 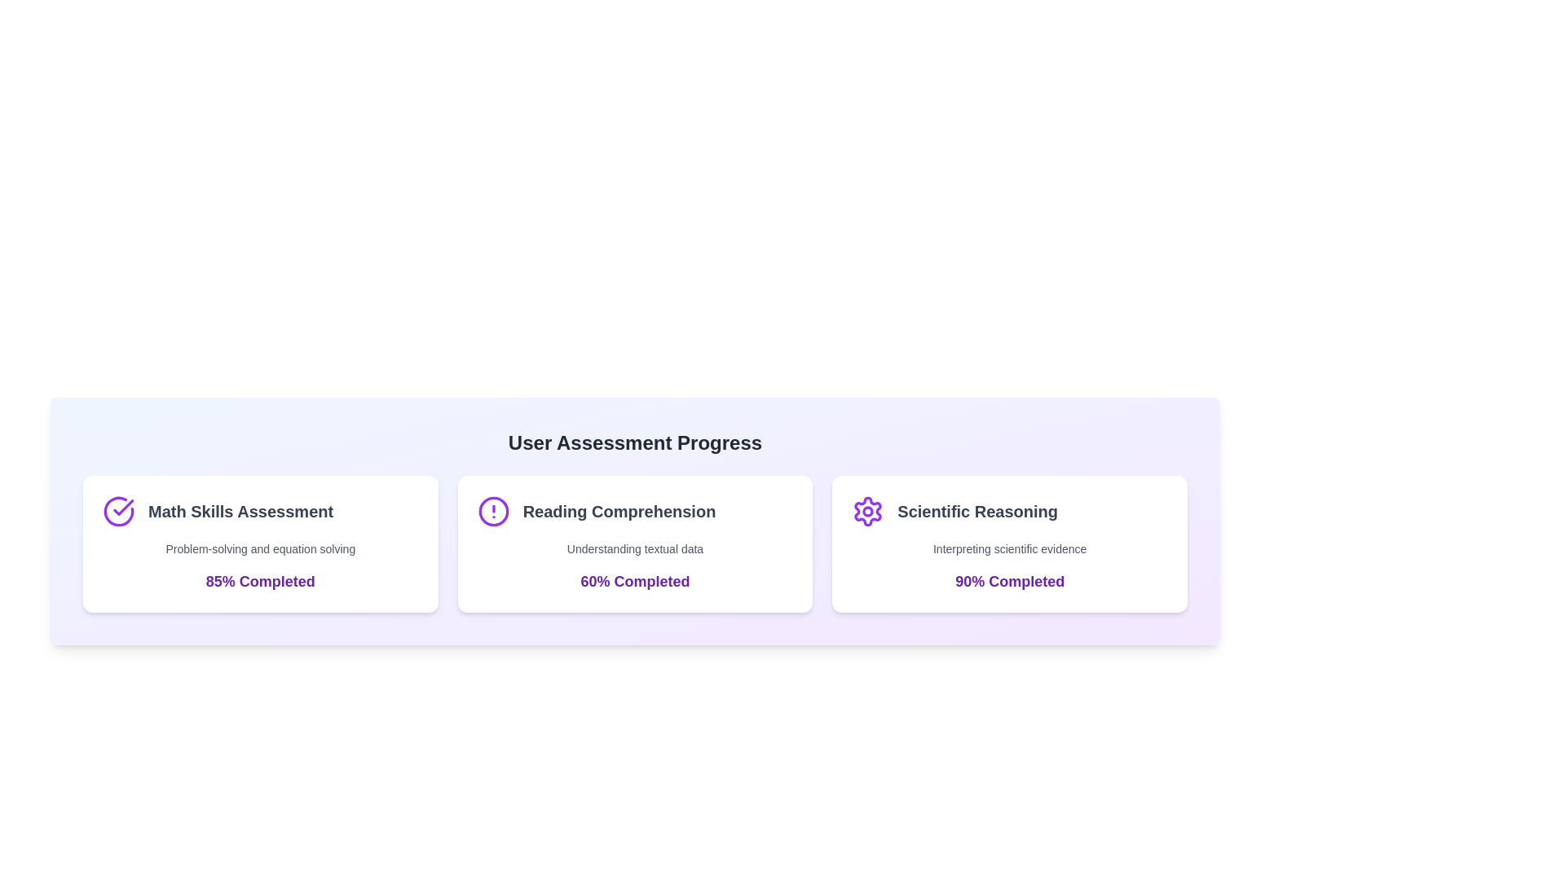 What do you see at coordinates (259, 543) in the screenshot?
I see `the Card Component titled 'Math Skills Assessment' which is the first card in the grid layout, featuring a checkmark icon and displaying '85% Completed' in bold purple` at bounding box center [259, 543].